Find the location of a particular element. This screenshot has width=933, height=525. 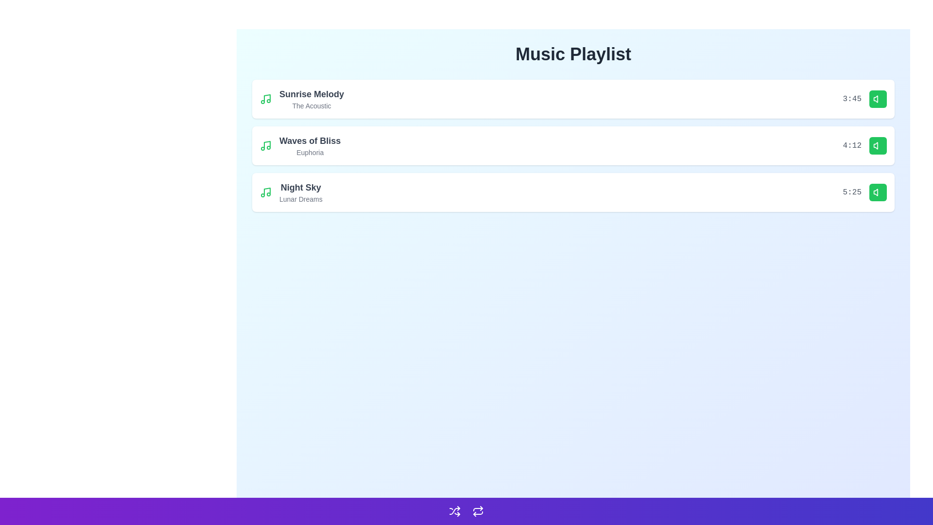

the green musical note icon located at the far left of the first entry in the music playlist to interact with the music entry is located at coordinates (266, 99).